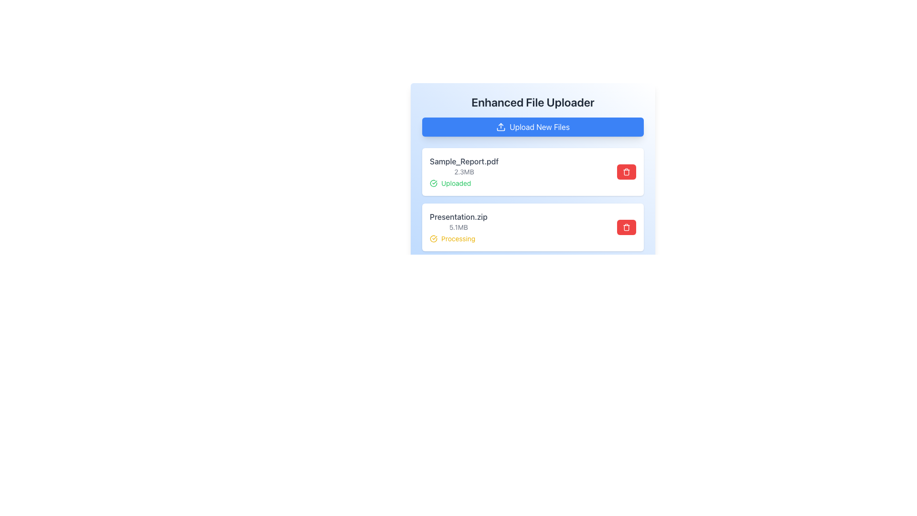  What do you see at coordinates (533, 171) in the screenshot?
I see `file details from the topmost interactive list item in the file uploader interface, which displays information about an uploaded file before the item labeled 'Presentation.zip'` at bounding box center [533, 171].